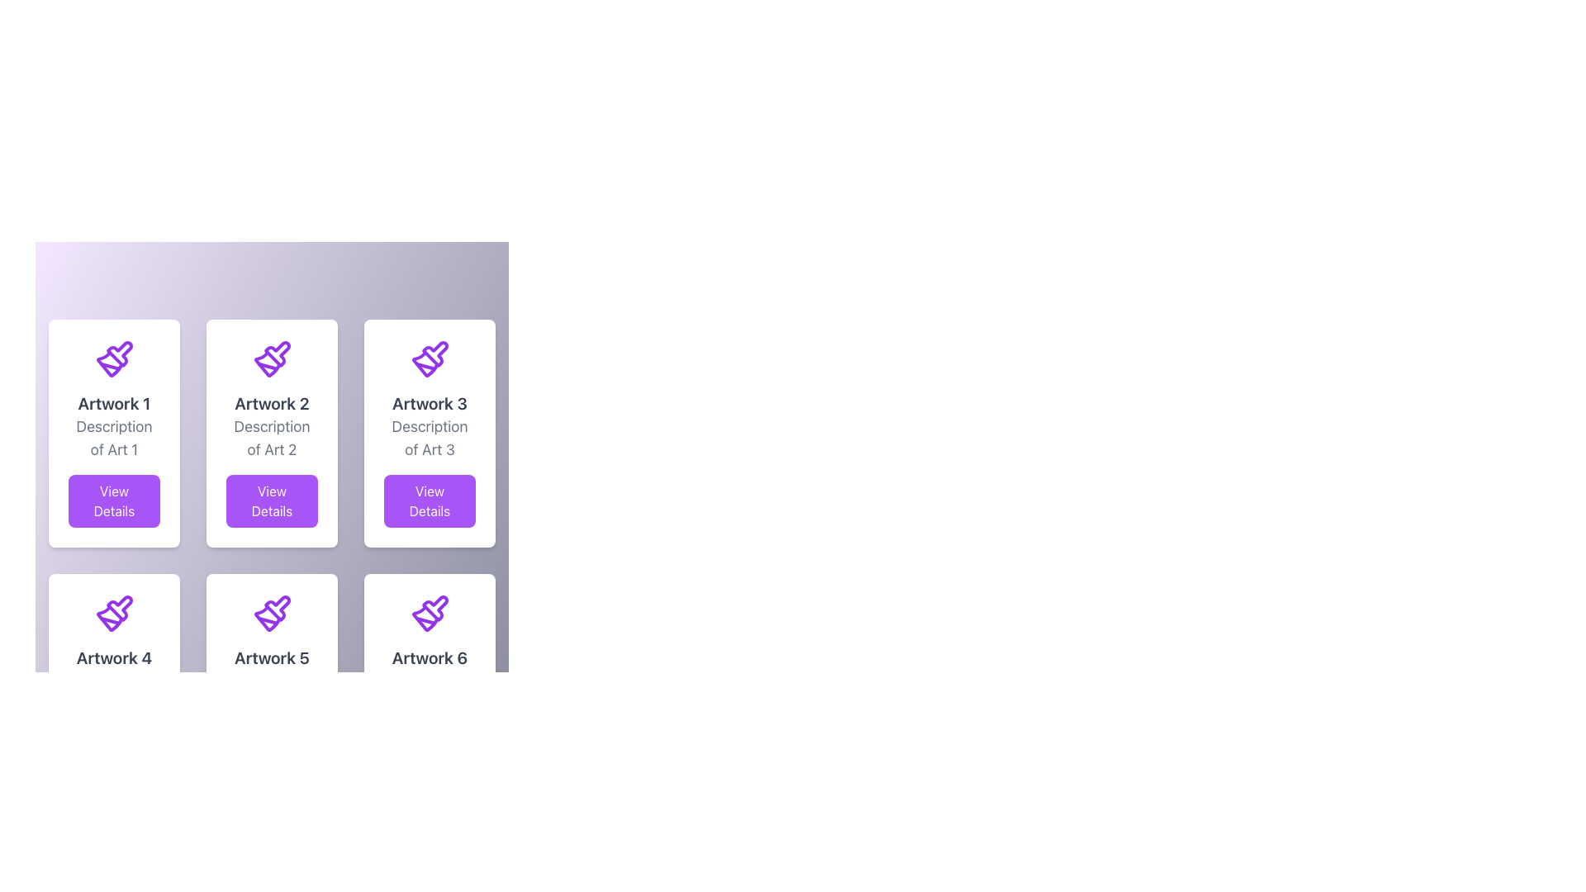  What do you see at coordinates (430, 358) in the screenshot?
I see `the stylized purple paintbrush icon located at the top of the card for 'Artwork 3', above the title and description` at bounding box center [430, 358].